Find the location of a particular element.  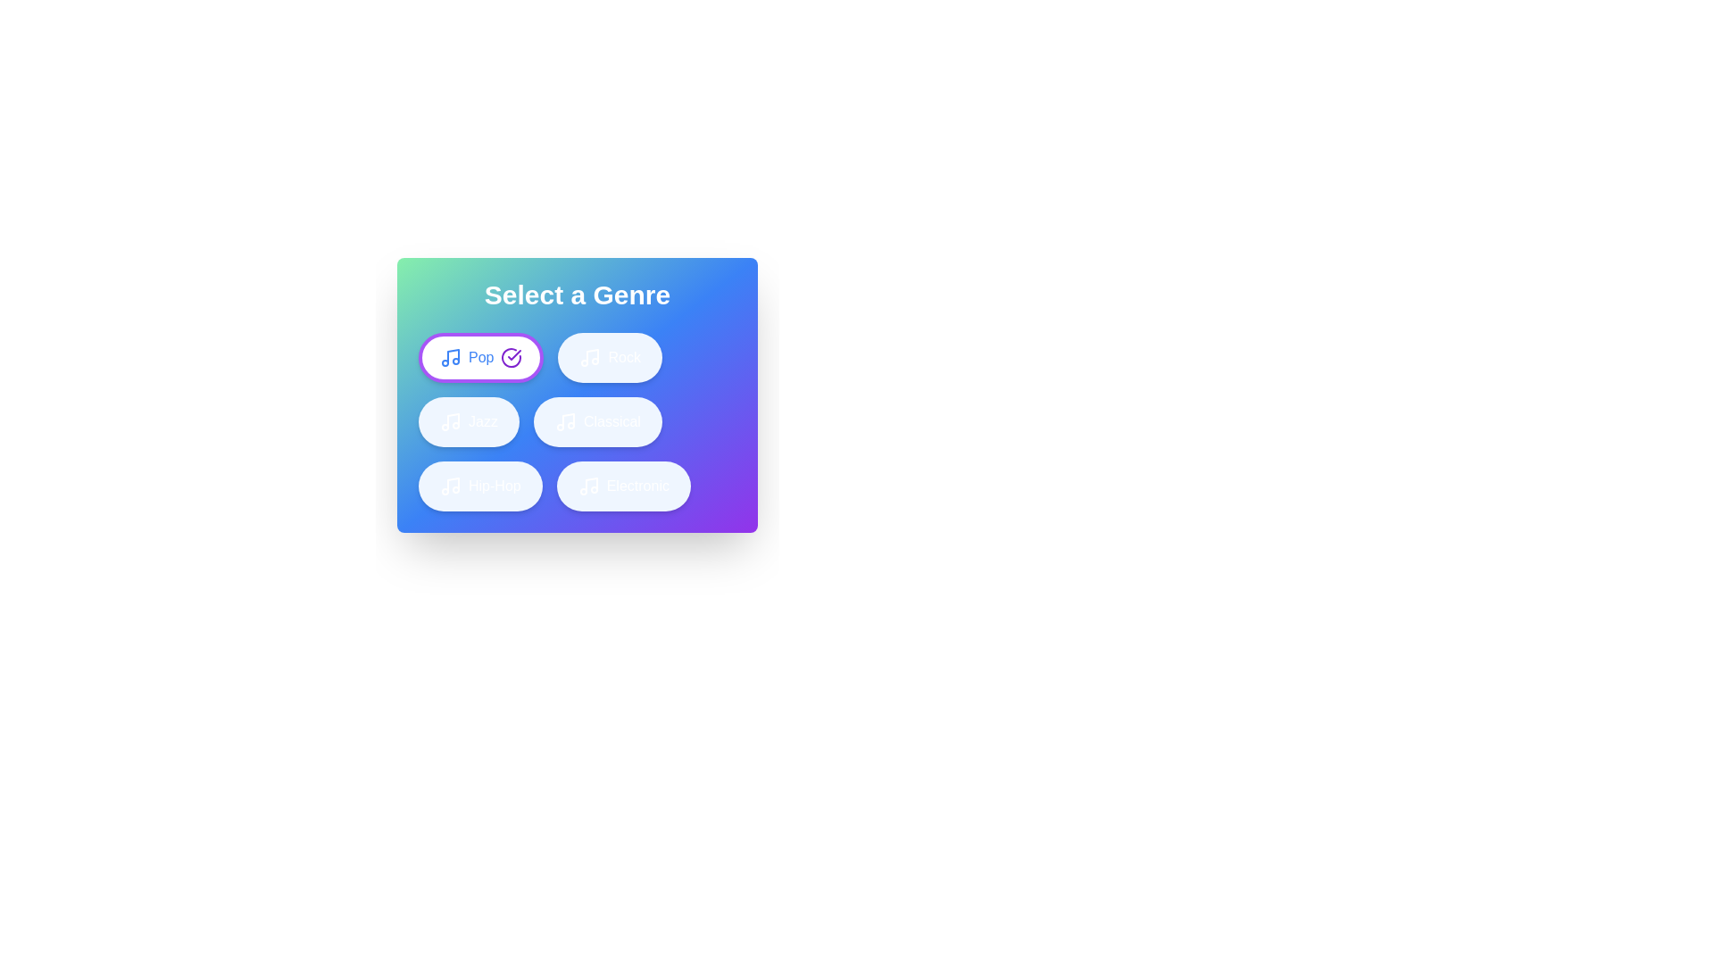

the visual indication icon that signifies the 'Pop' genre selection, located to the right of the musical note icon is located at coordinates (511, 358).